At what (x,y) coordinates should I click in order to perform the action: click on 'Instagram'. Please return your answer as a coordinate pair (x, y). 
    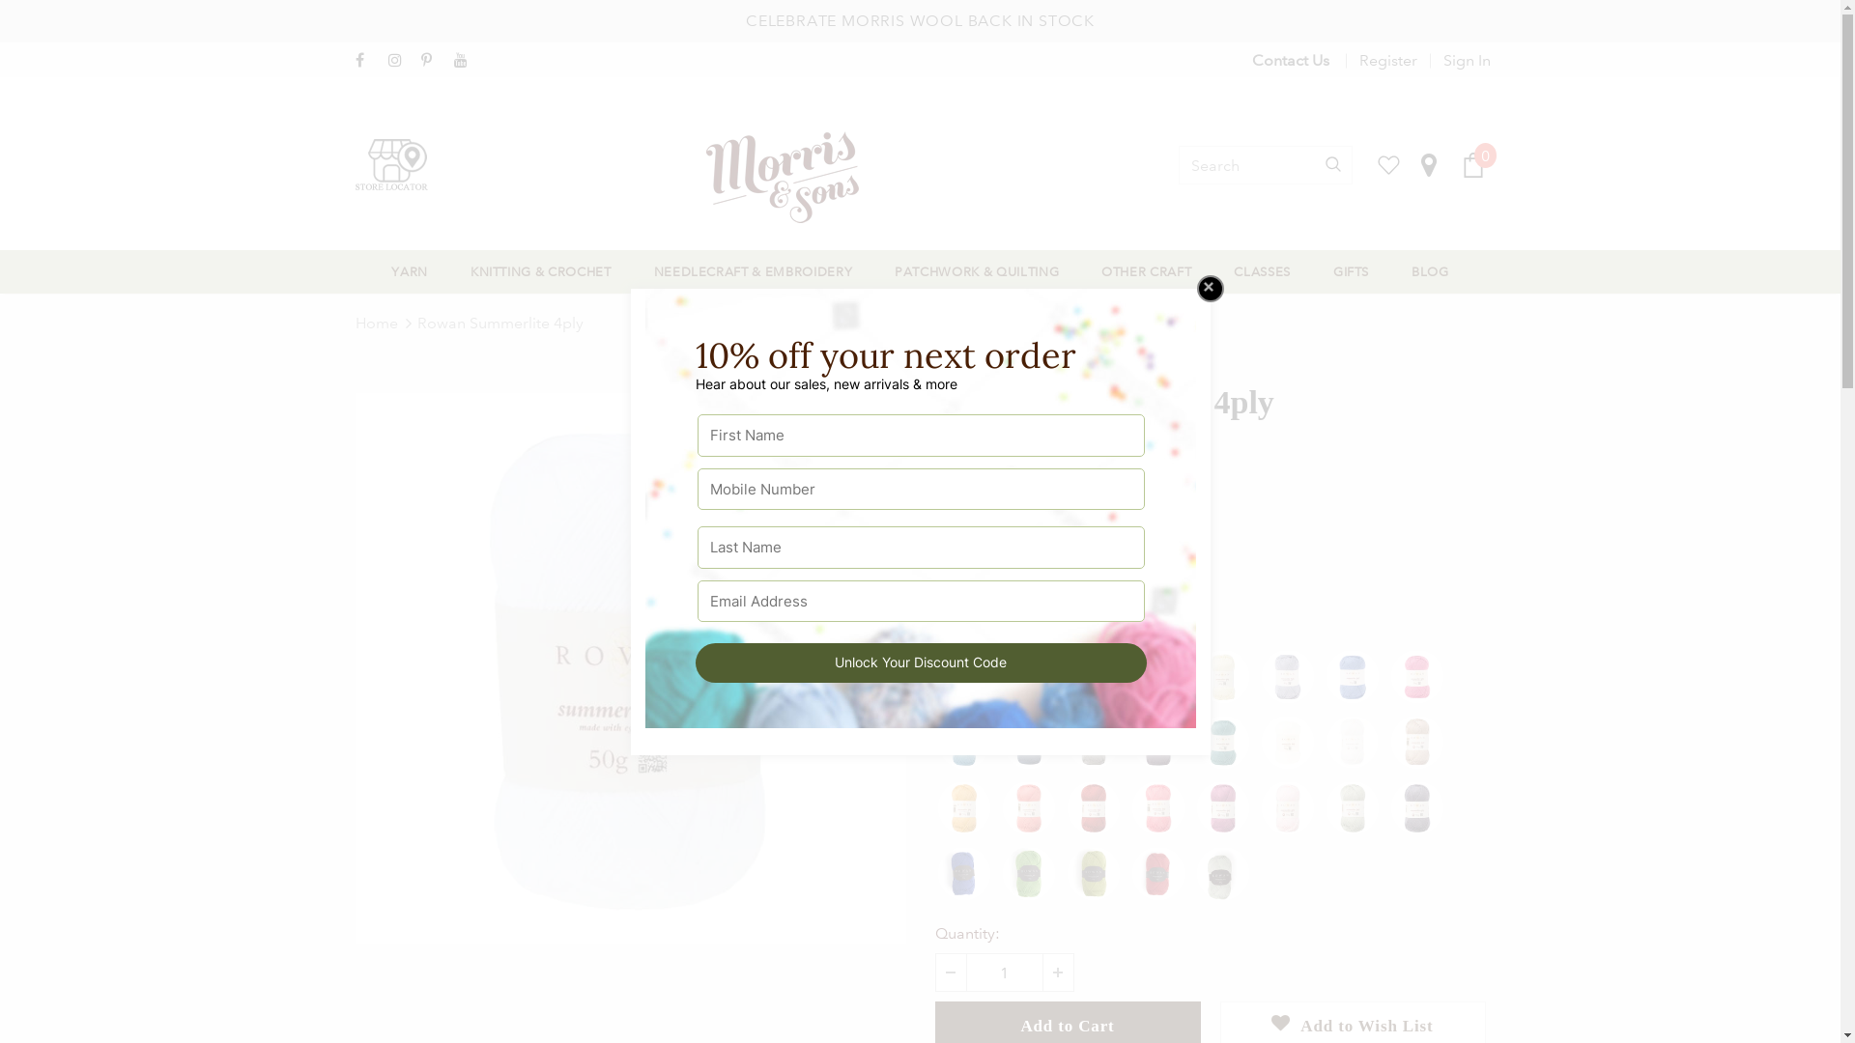
    Looking at the image, I should click on (399, 60).